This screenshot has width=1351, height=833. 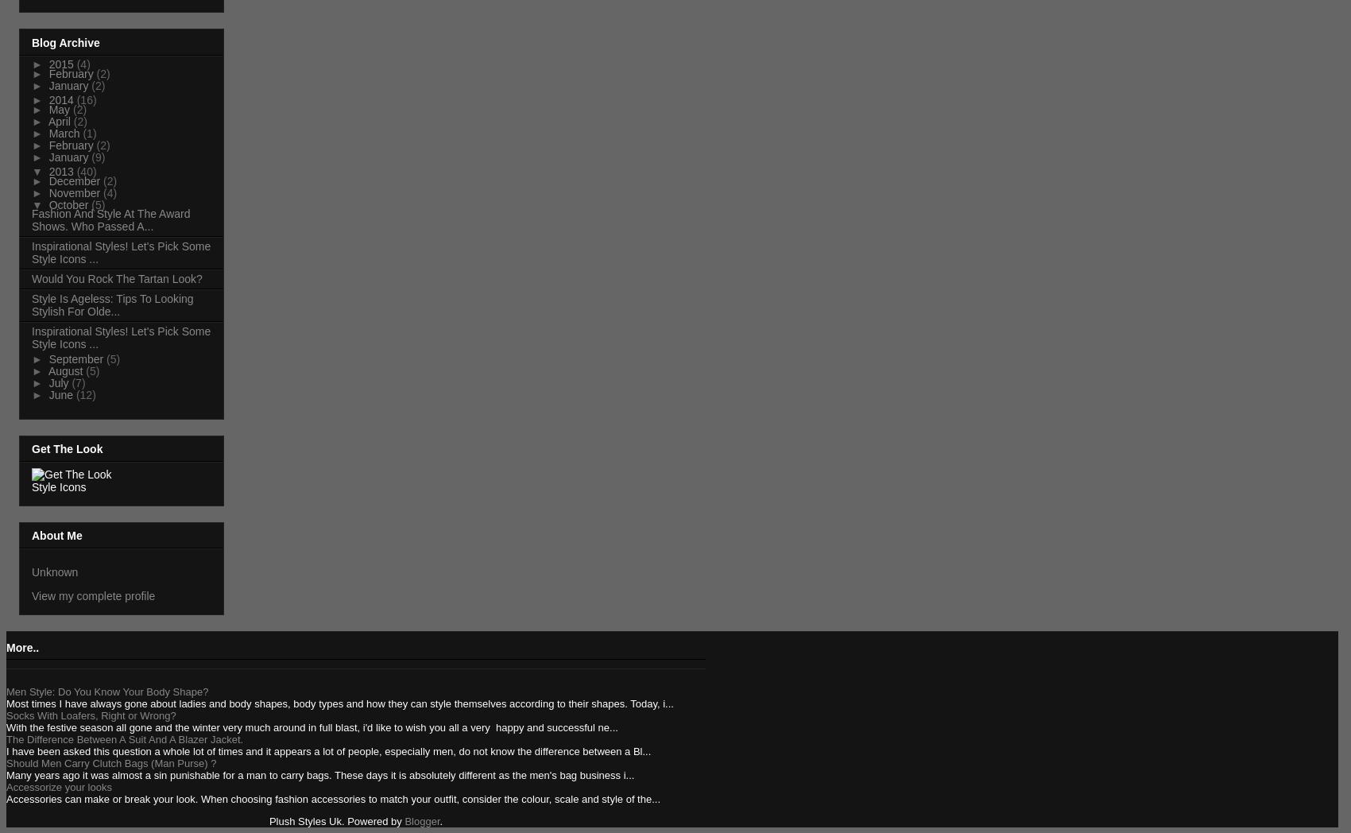 I want to click on 'Many years ago it was almost a sin punishable for a man to carry bags. These days it is absolutely different as the men's bag business i...', so click(x=319, y=774).